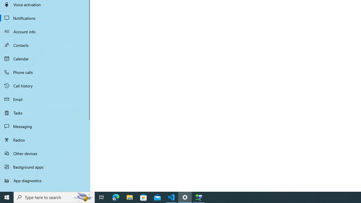  I want to click on 'Calendar', so click(45, 59).